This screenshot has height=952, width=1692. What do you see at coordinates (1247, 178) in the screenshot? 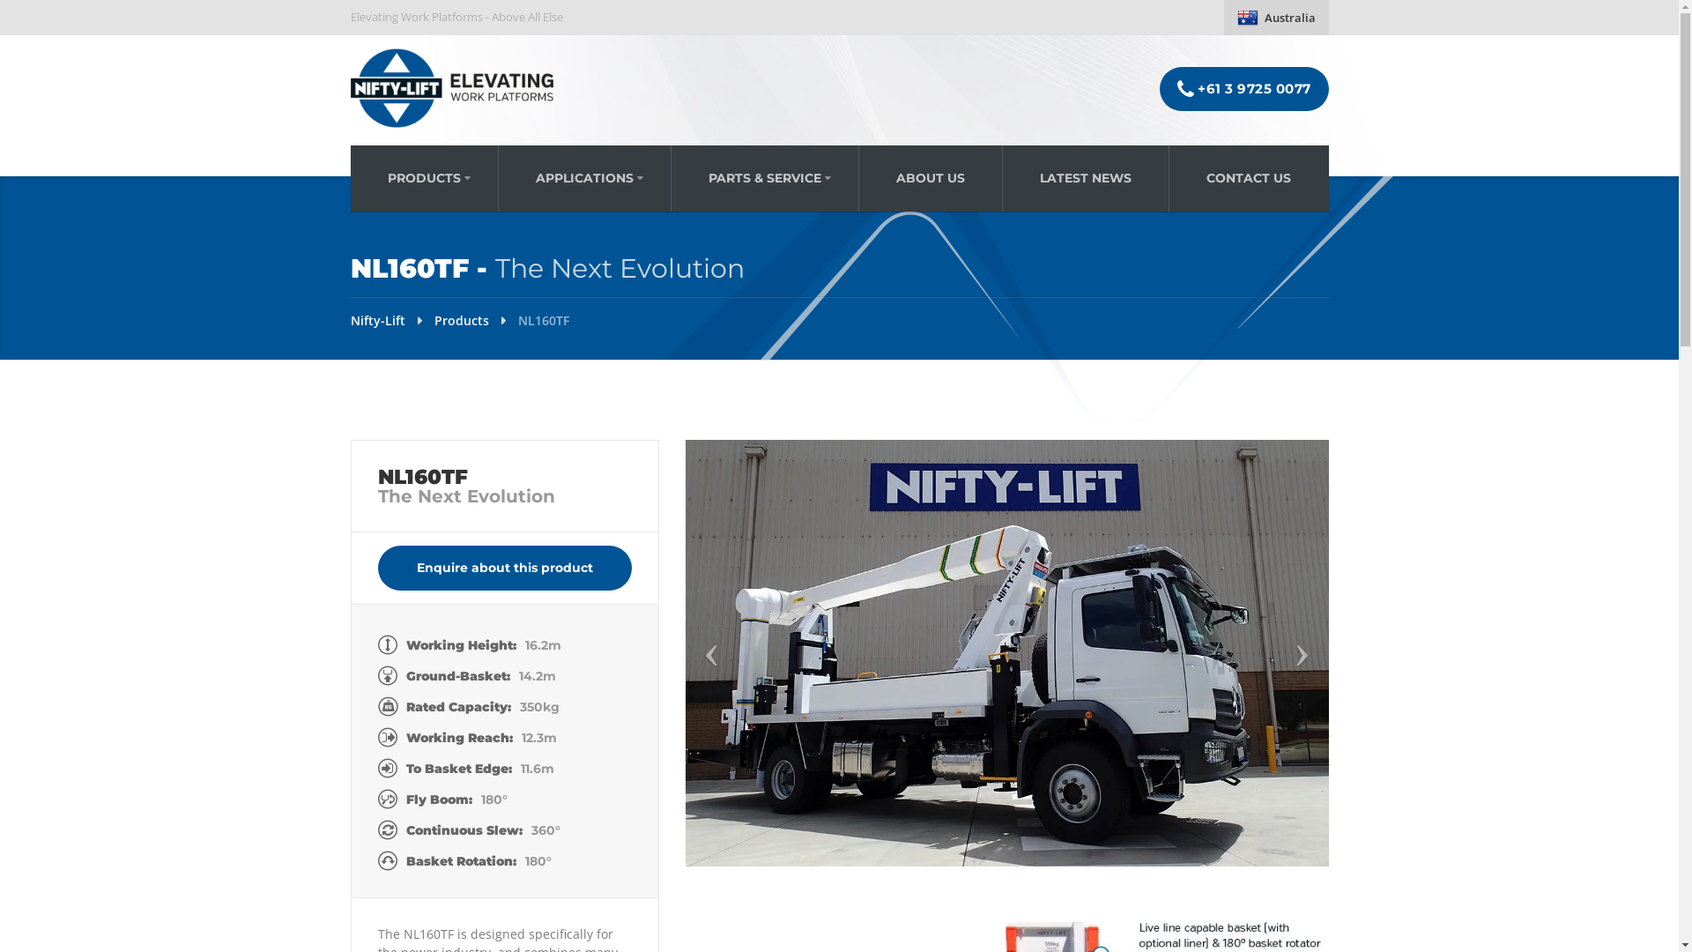
I see `'CONTACT US'` at bounding box center [1247, 178].